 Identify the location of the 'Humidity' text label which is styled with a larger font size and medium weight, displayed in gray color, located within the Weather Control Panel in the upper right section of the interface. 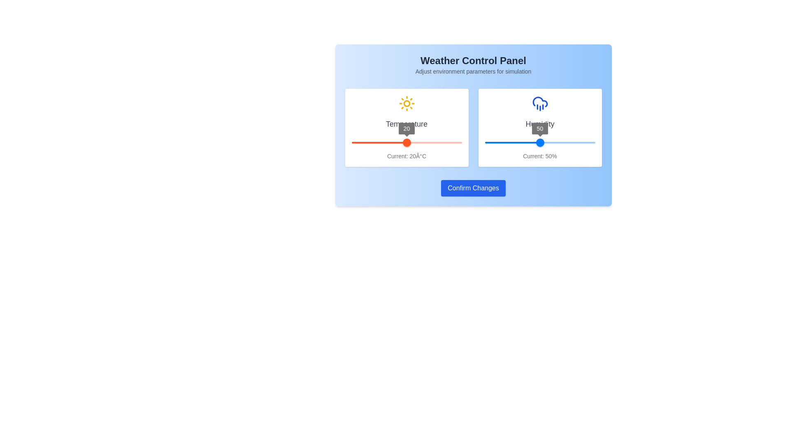
(540, 124).